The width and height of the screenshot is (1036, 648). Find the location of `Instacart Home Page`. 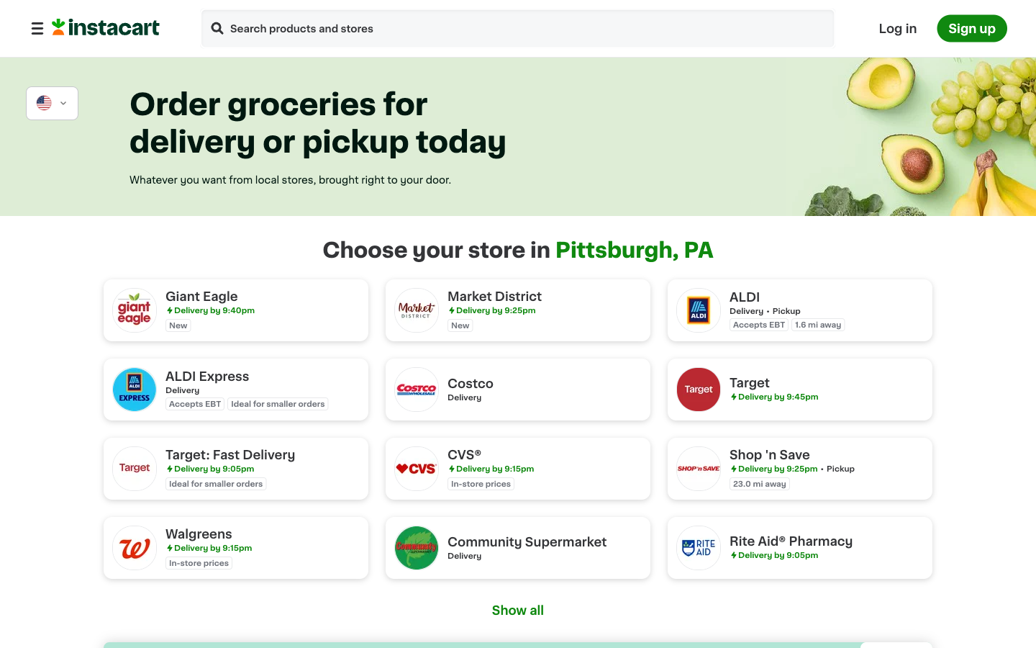

Instacart Home Page is located at coordinates (105, 31).